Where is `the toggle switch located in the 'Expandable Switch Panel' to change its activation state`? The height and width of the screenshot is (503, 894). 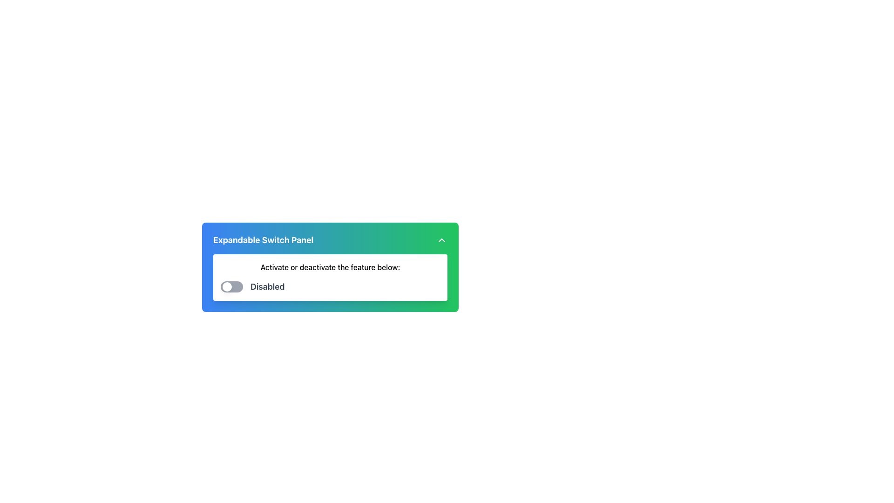 the toggle switch located in the 'Expandable Switch Panel' to change its activation state is located at coordinates (330, 277).